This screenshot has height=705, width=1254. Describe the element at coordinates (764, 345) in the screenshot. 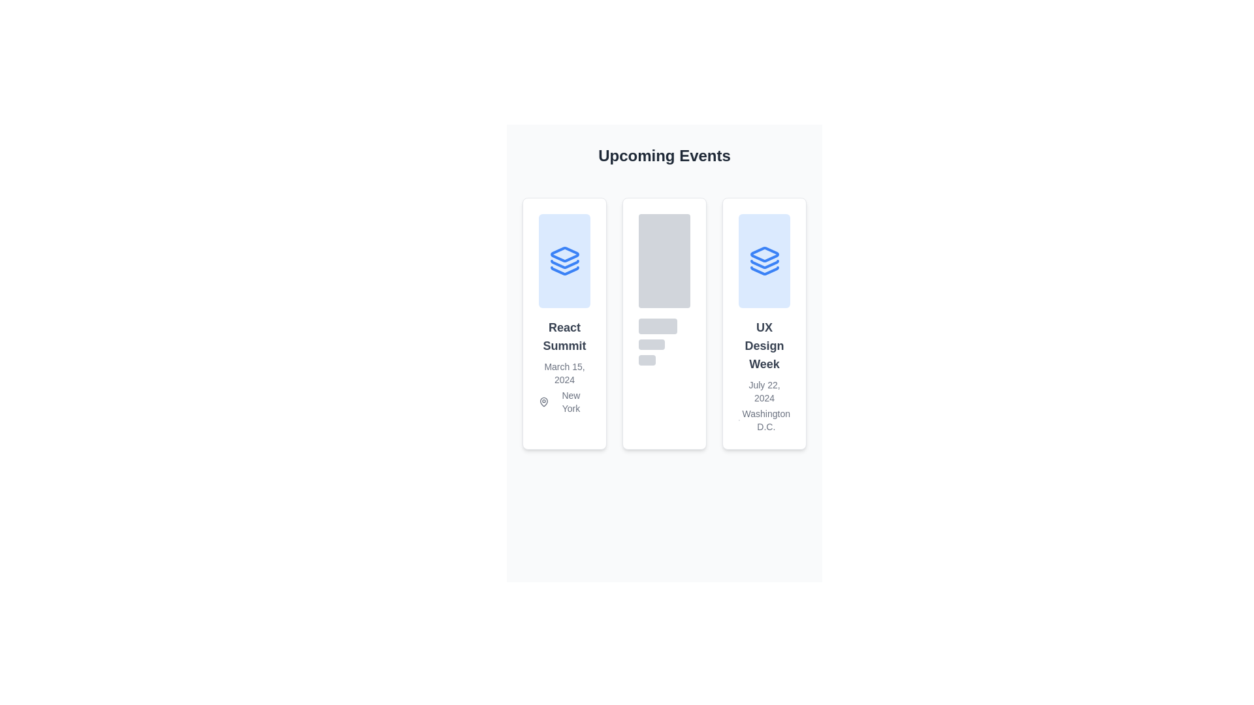

I see `text displayed in the title of the third event card from the left, which is positioned above the date and location details and below the event icon` at that location.